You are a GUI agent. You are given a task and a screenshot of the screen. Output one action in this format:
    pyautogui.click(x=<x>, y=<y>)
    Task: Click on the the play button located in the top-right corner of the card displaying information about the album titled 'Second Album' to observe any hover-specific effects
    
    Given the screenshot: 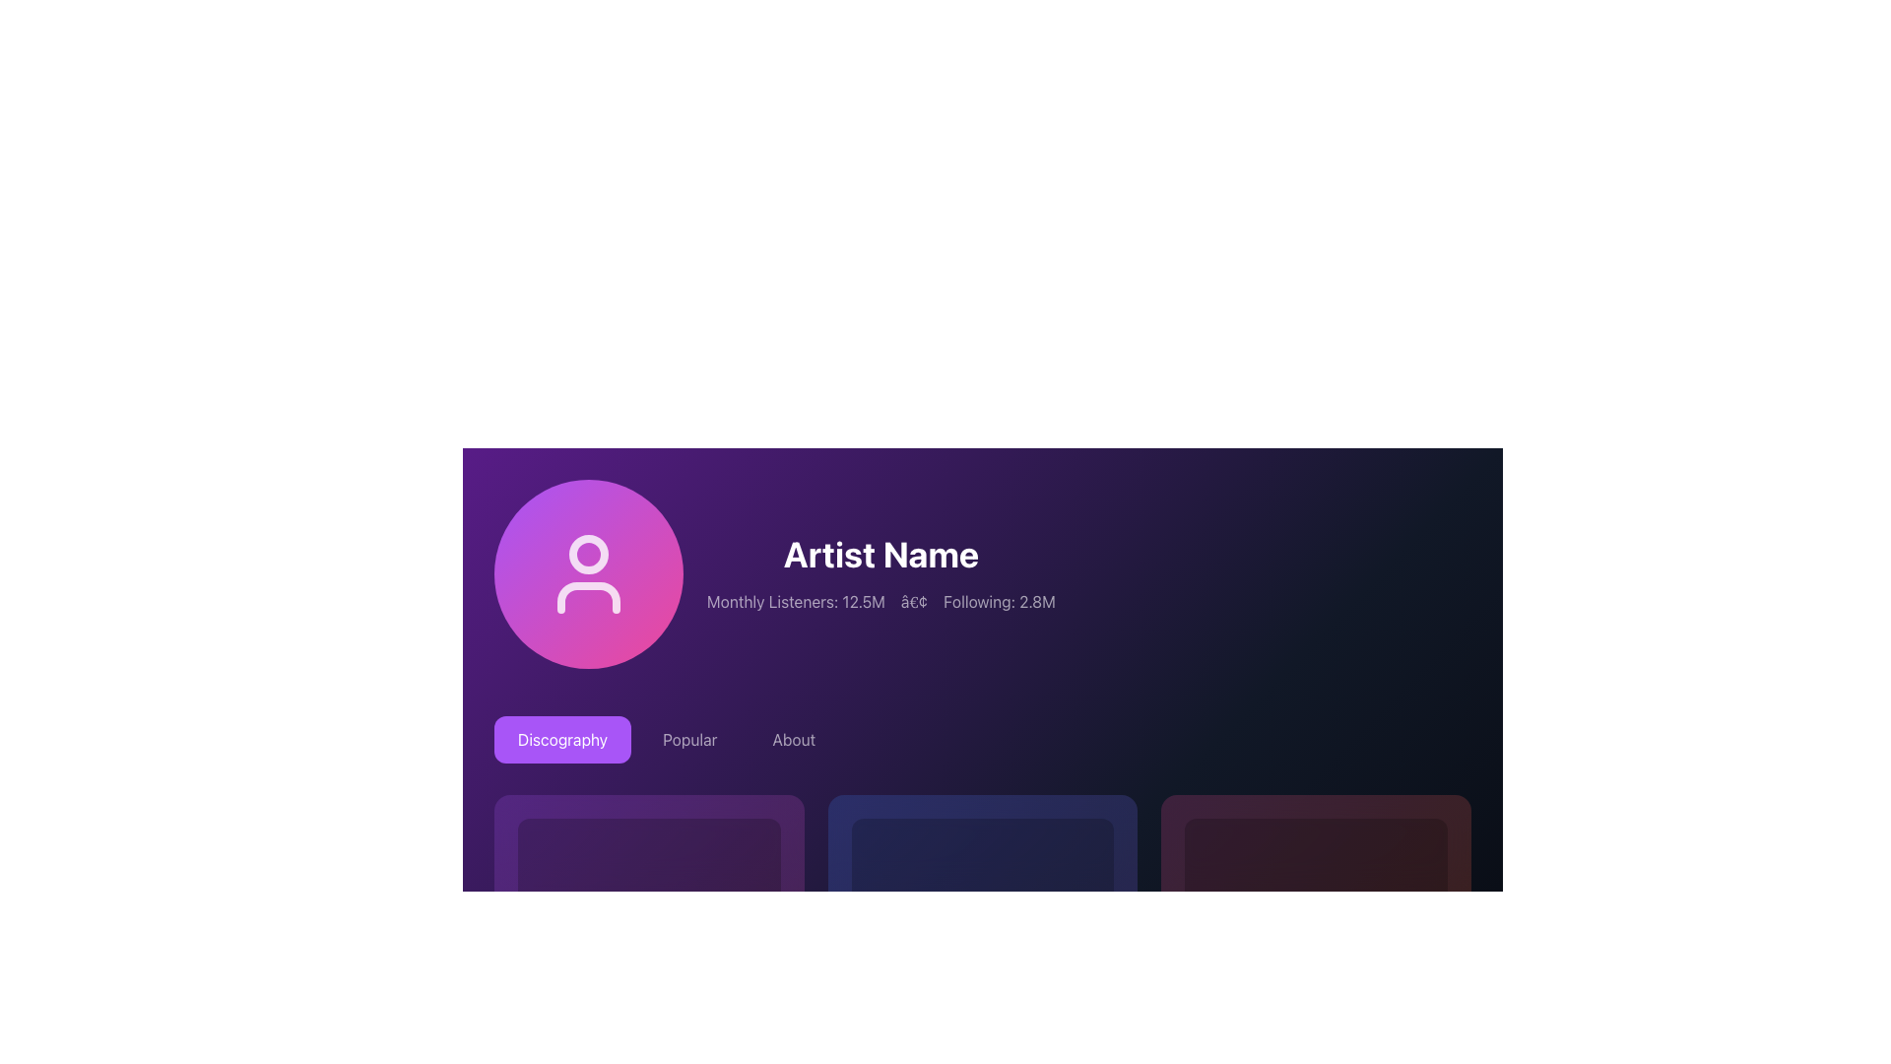 What is the action you would take?
    pyautogui.click(x=1097, y=834)
    